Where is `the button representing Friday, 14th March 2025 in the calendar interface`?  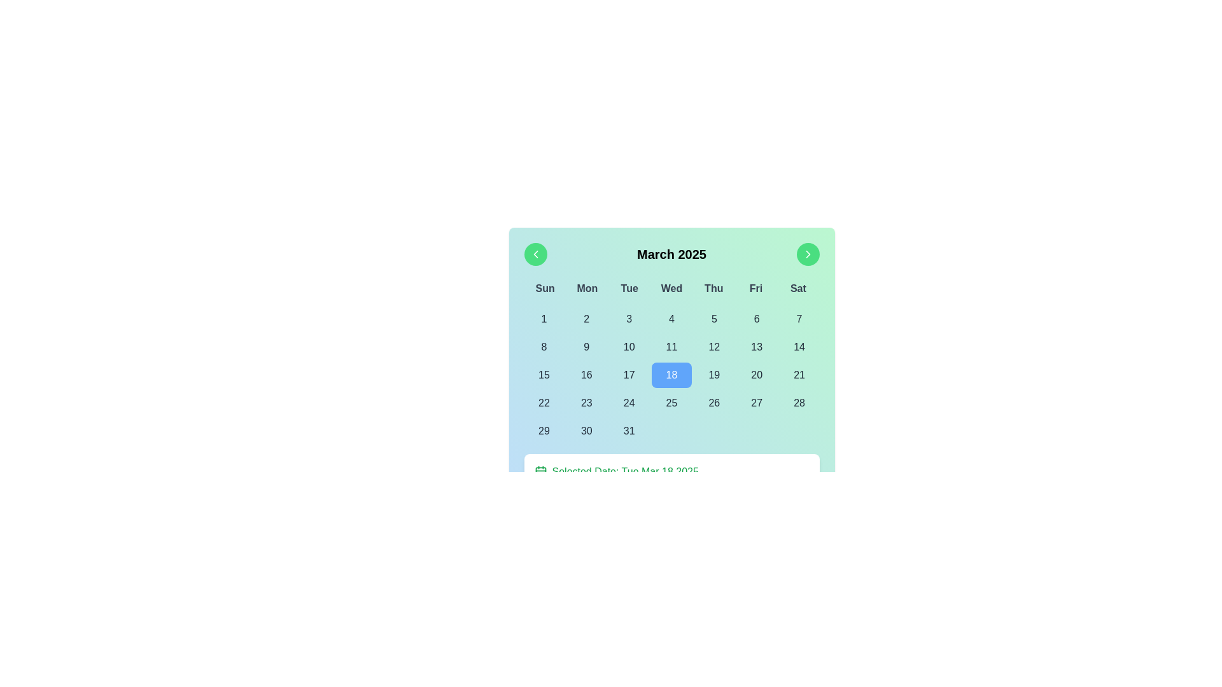 the button representing Friday, 14th March 2025 in the calendar interface is located at coordinates (799, 347).